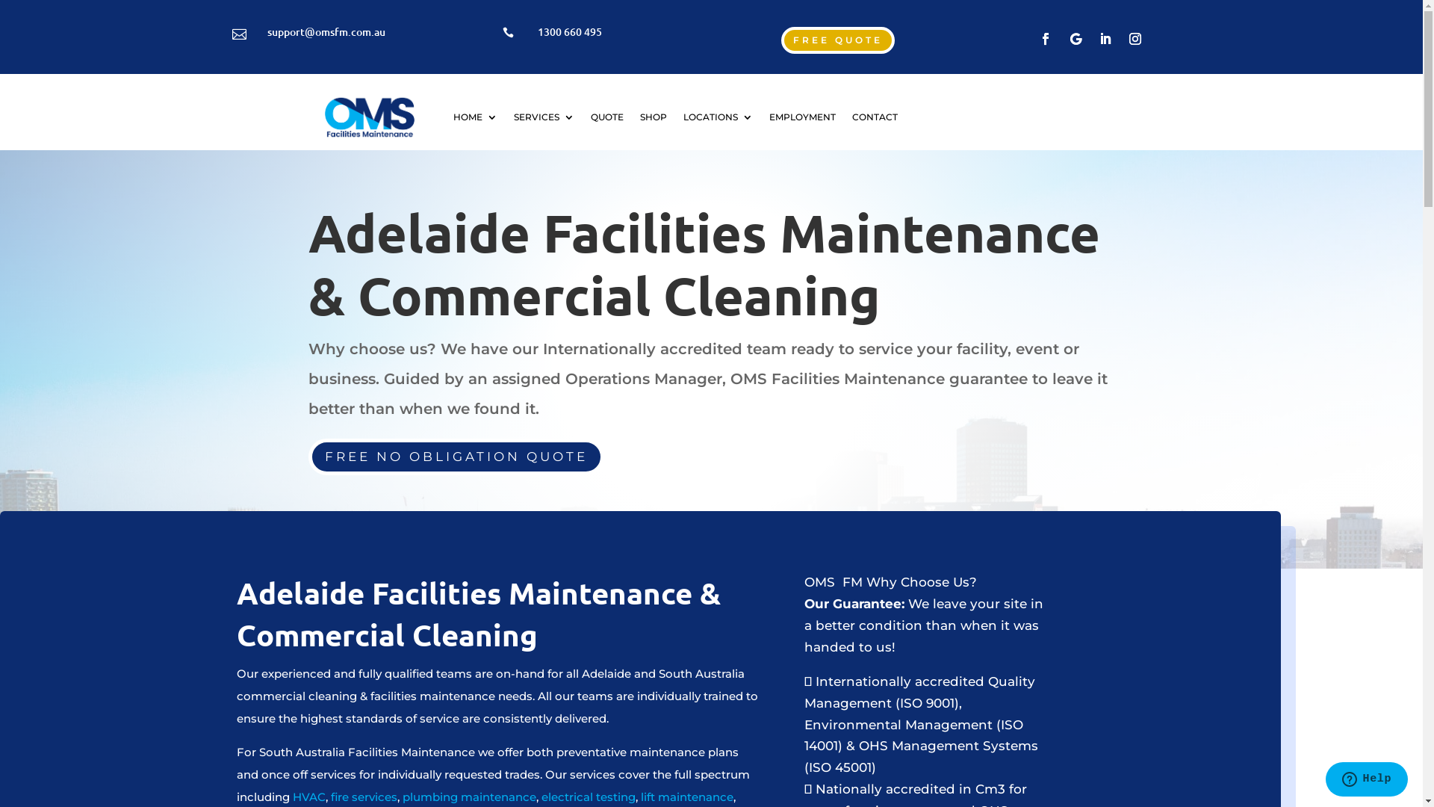 The image size is (1434, 807). Describe the element at coordinates (1366, 780) in the screenshot. I see `'Opens a widget where you can chat to one of our agents'` at that location.